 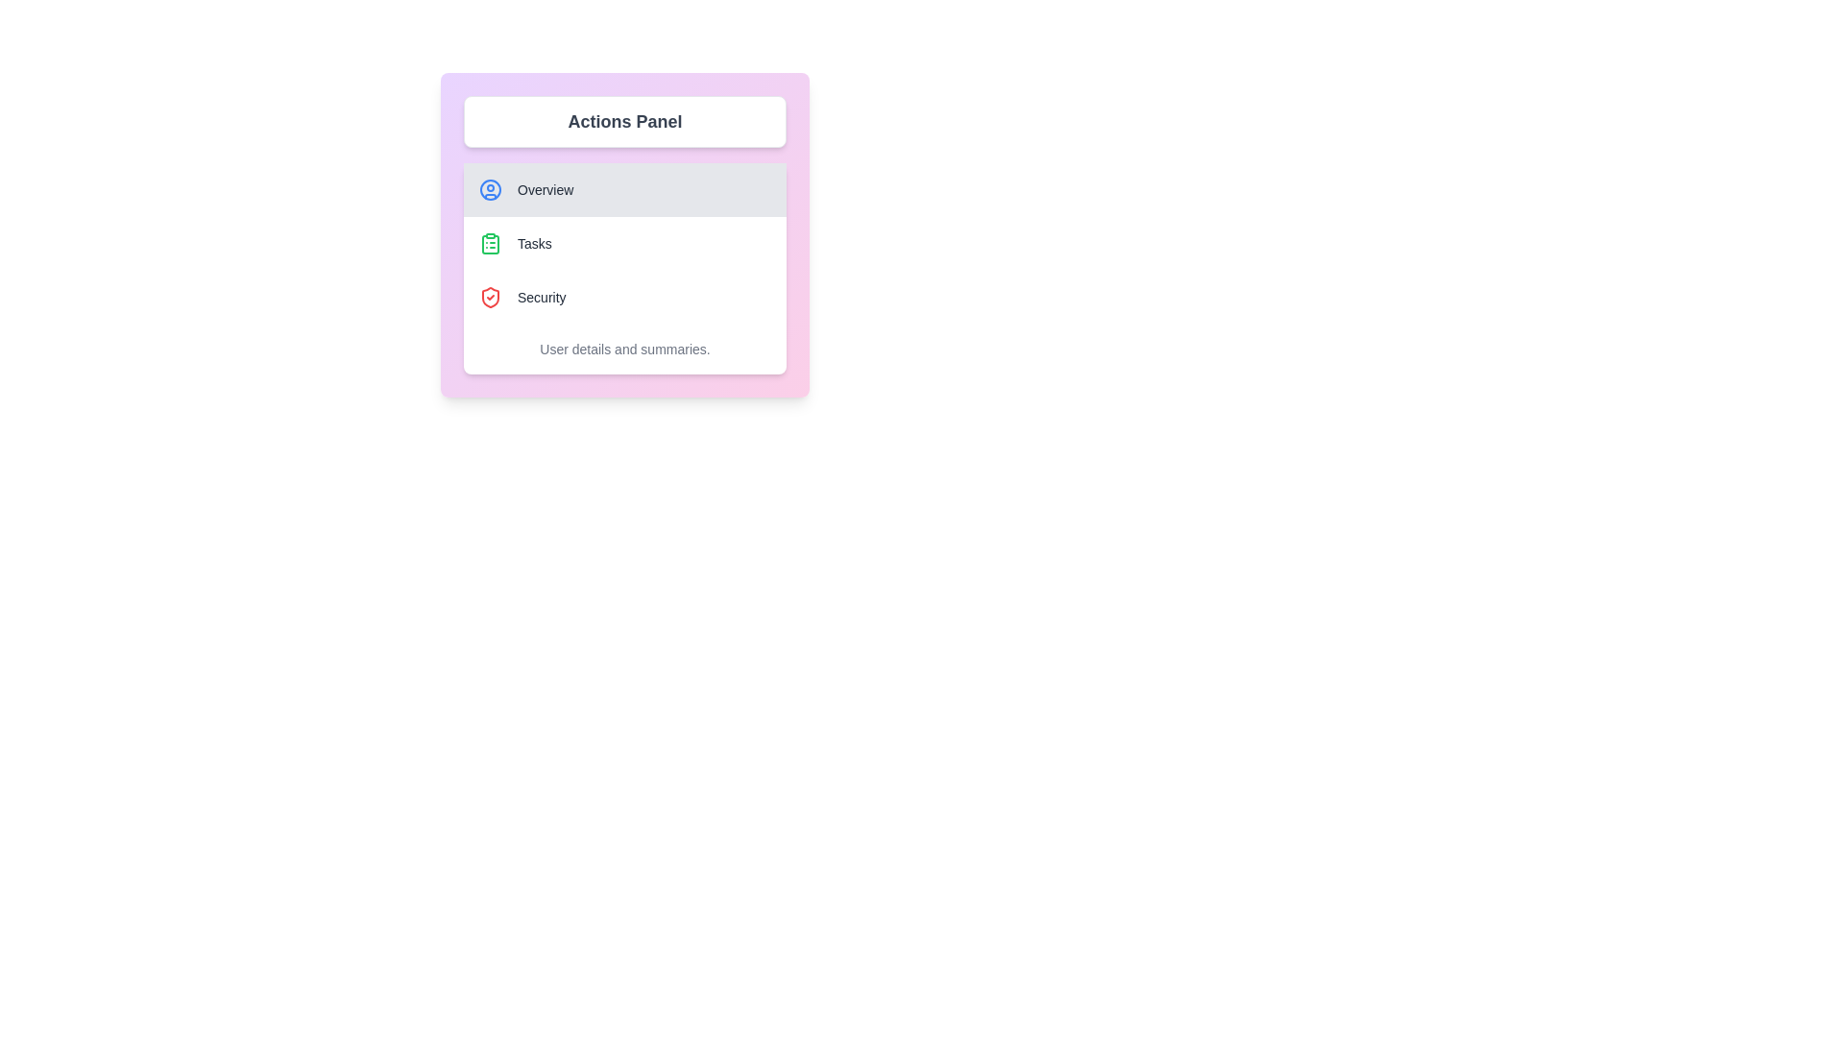 What do you see at coordinates (625, 189) in the screenshot?
I see `the menu option Overview` at bounding box center [625, 189].